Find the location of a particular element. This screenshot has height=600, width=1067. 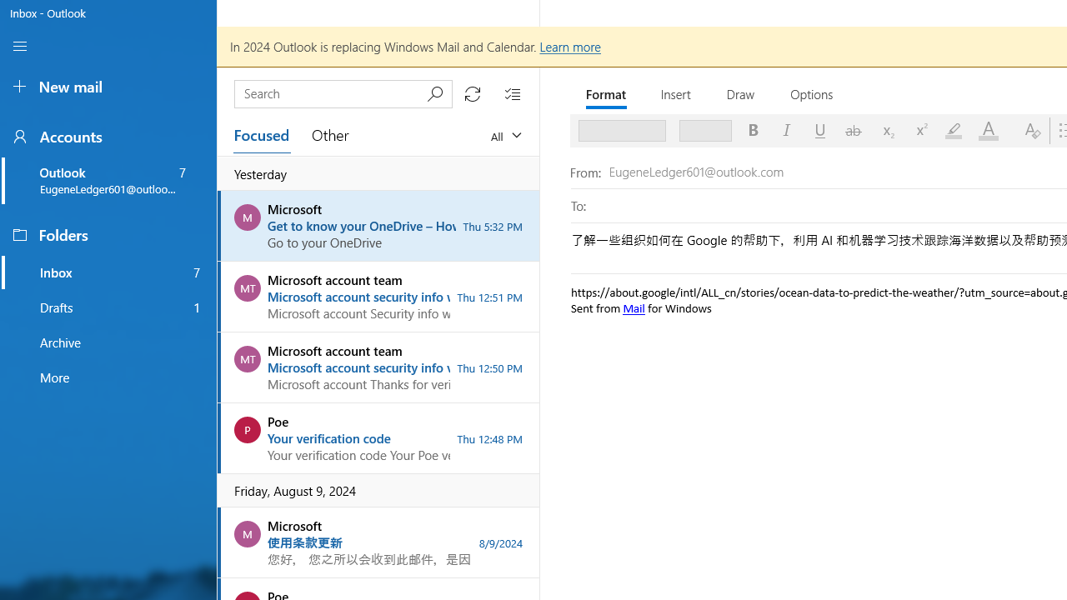

'Draw' is located at coordinates (741, 94).